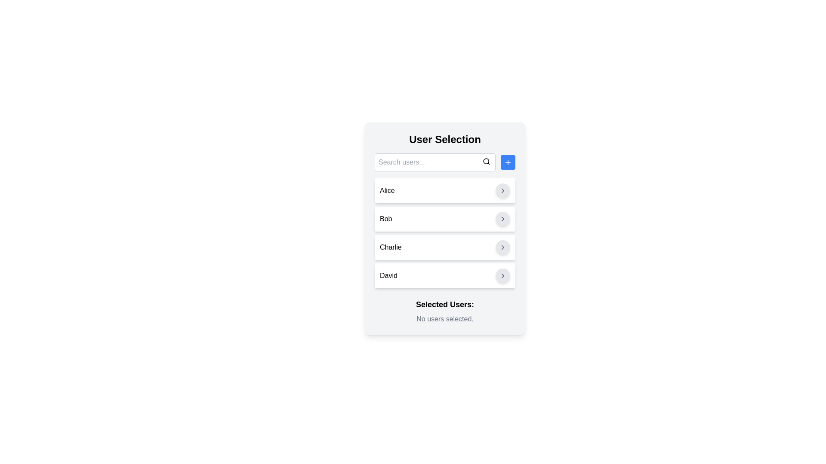 Image resolution: width=826 pixels, height=464 pixels. I want to click on the right-pointing arrow icon located within the 'Charlie' user entry, so click(503, 247).